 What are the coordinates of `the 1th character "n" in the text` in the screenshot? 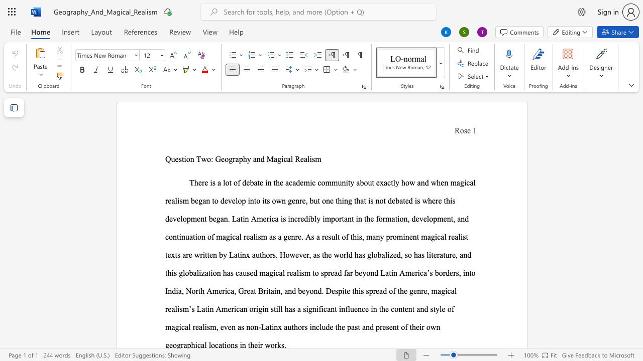 It's located at (313, 308).